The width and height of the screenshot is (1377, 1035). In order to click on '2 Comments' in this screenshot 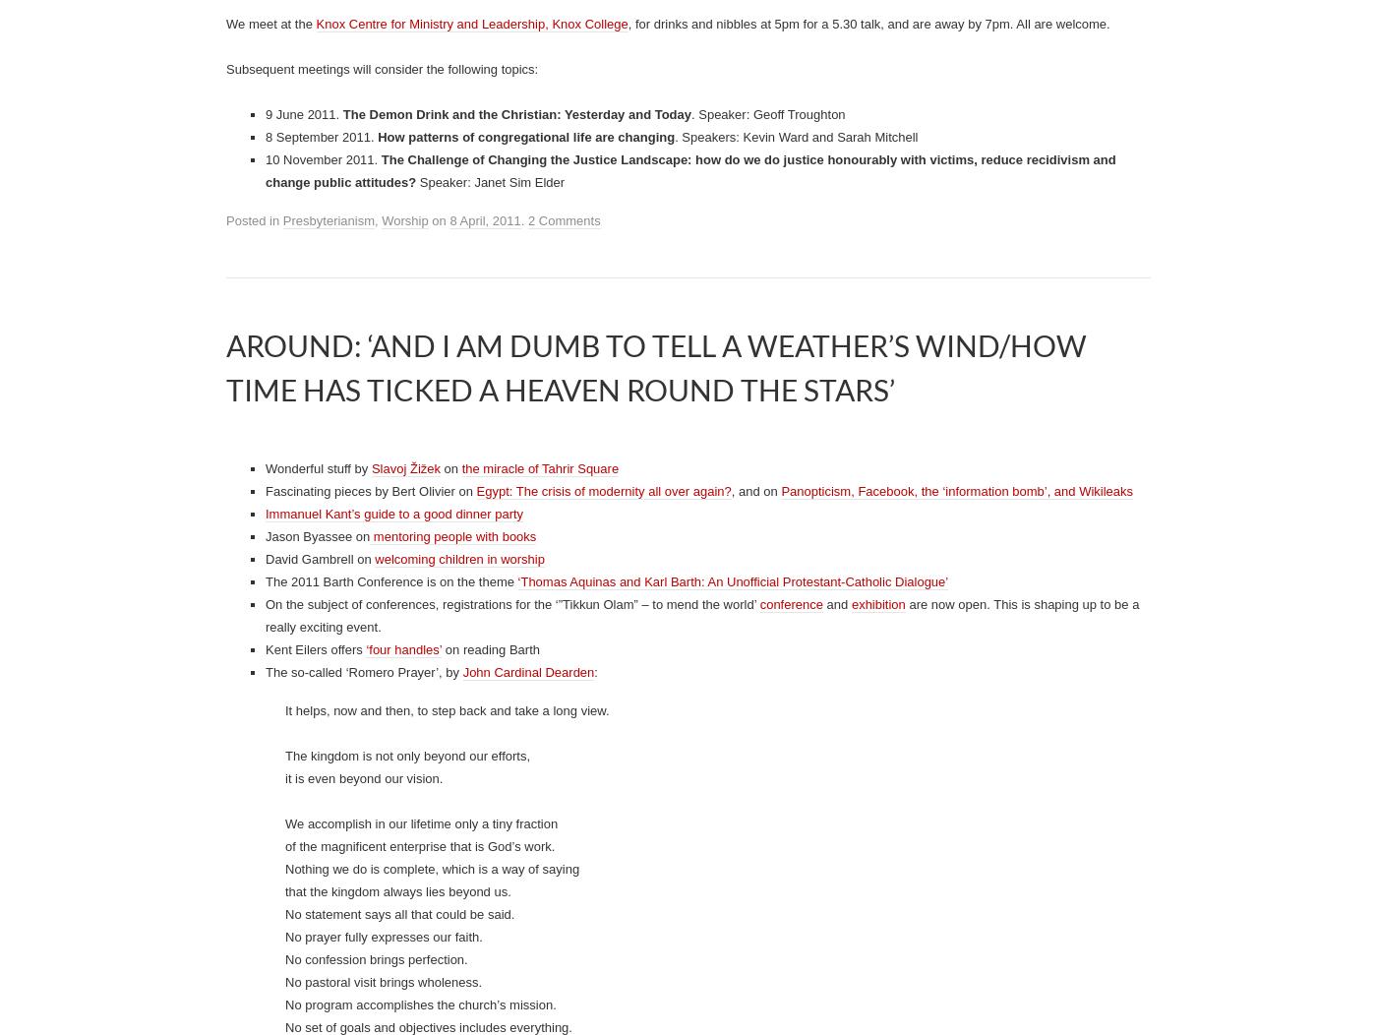, I will do `click(564, 975)`.